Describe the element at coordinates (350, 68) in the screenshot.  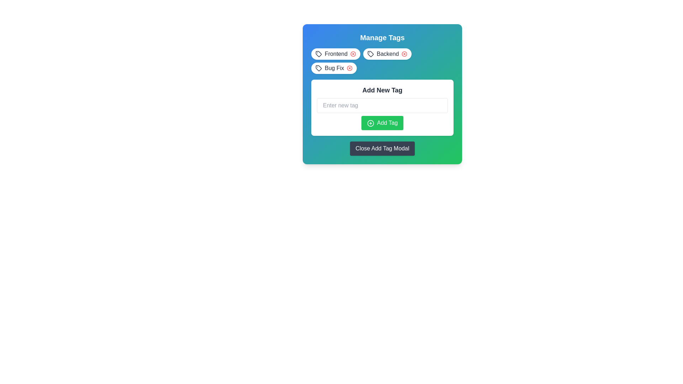
I see `the circular graphical icon component associated with the 'Bug Fix' label in the 'Manage Tags' modal interface by moving the cursor to its center` at that location.